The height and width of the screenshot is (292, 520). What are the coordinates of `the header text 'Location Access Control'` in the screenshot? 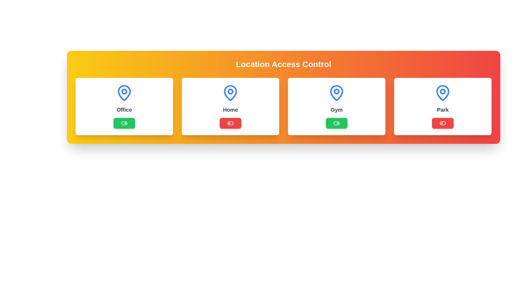 It's located at (283, 64).